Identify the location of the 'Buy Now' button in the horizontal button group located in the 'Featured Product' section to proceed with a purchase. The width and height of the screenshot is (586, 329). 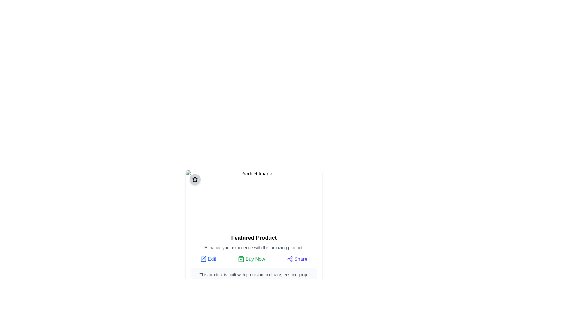
(254, 259).